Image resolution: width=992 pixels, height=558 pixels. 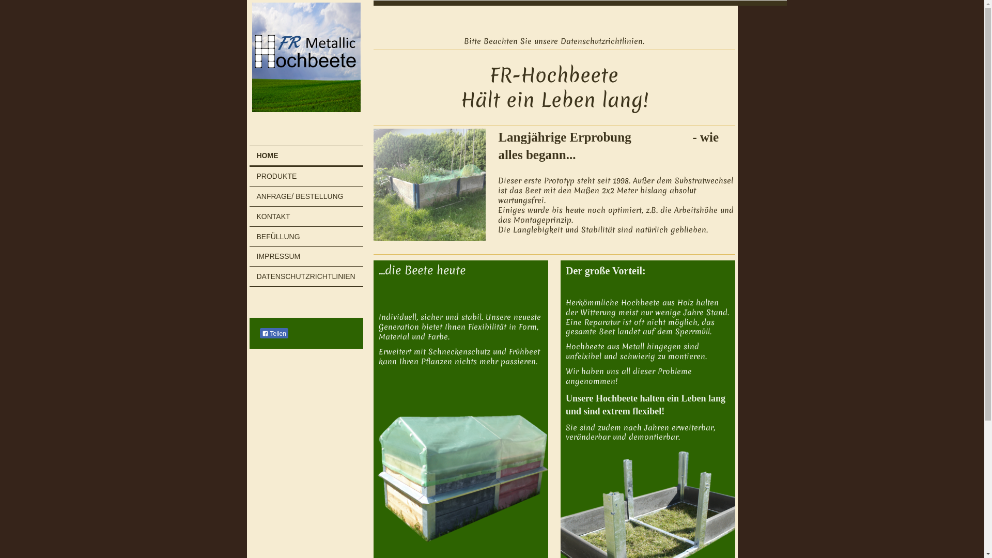 I want to click on 'Teilen', so click(x=273, y=333).